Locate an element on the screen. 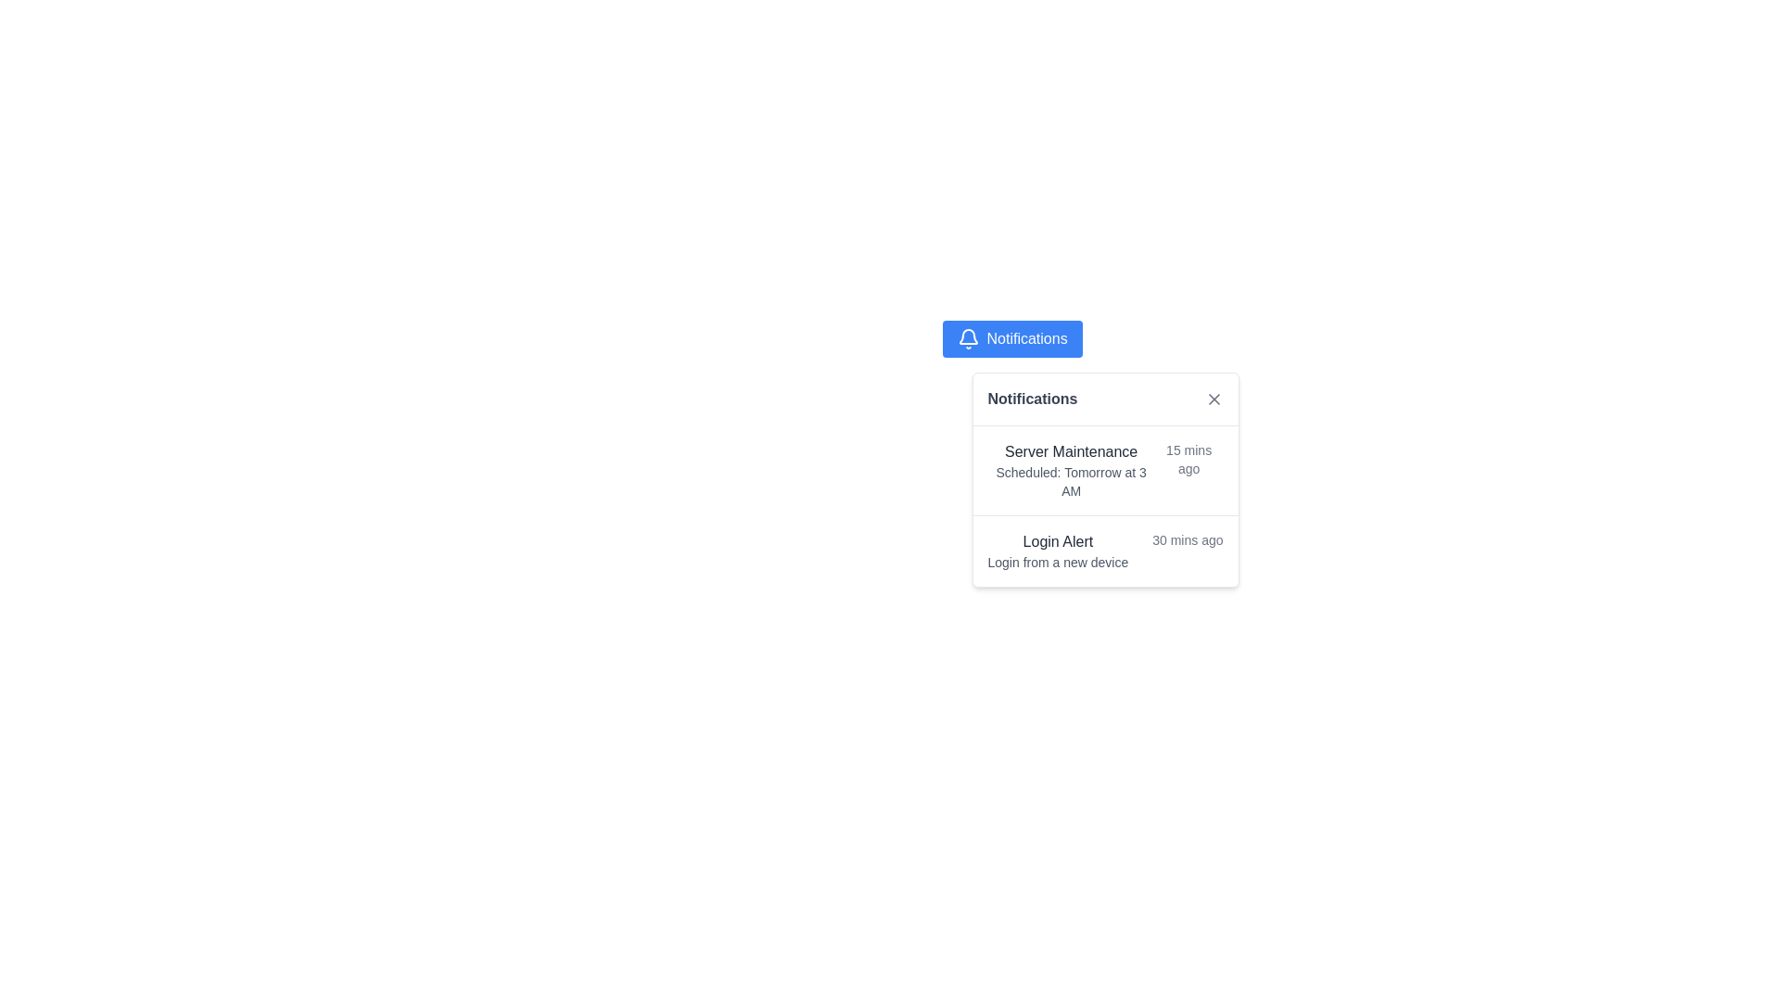  contents of the text label displaying 'Server Maintenance', which is styled with a medium weight font and dark gray color, located near the top-left corner of the notifications panel is located at coordinates (1071, 452).